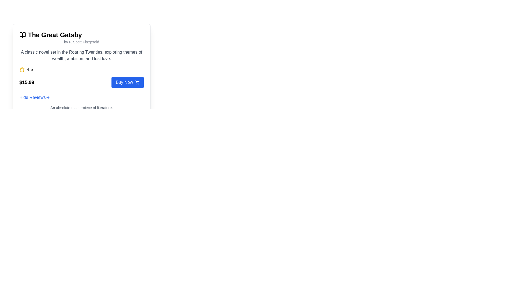  Describe the element at coordinates (26, 82) in the screenshot. I see `the price label displayed in the pricing section, located below the rating and to the left of the 'Buy Now' button` at that location.